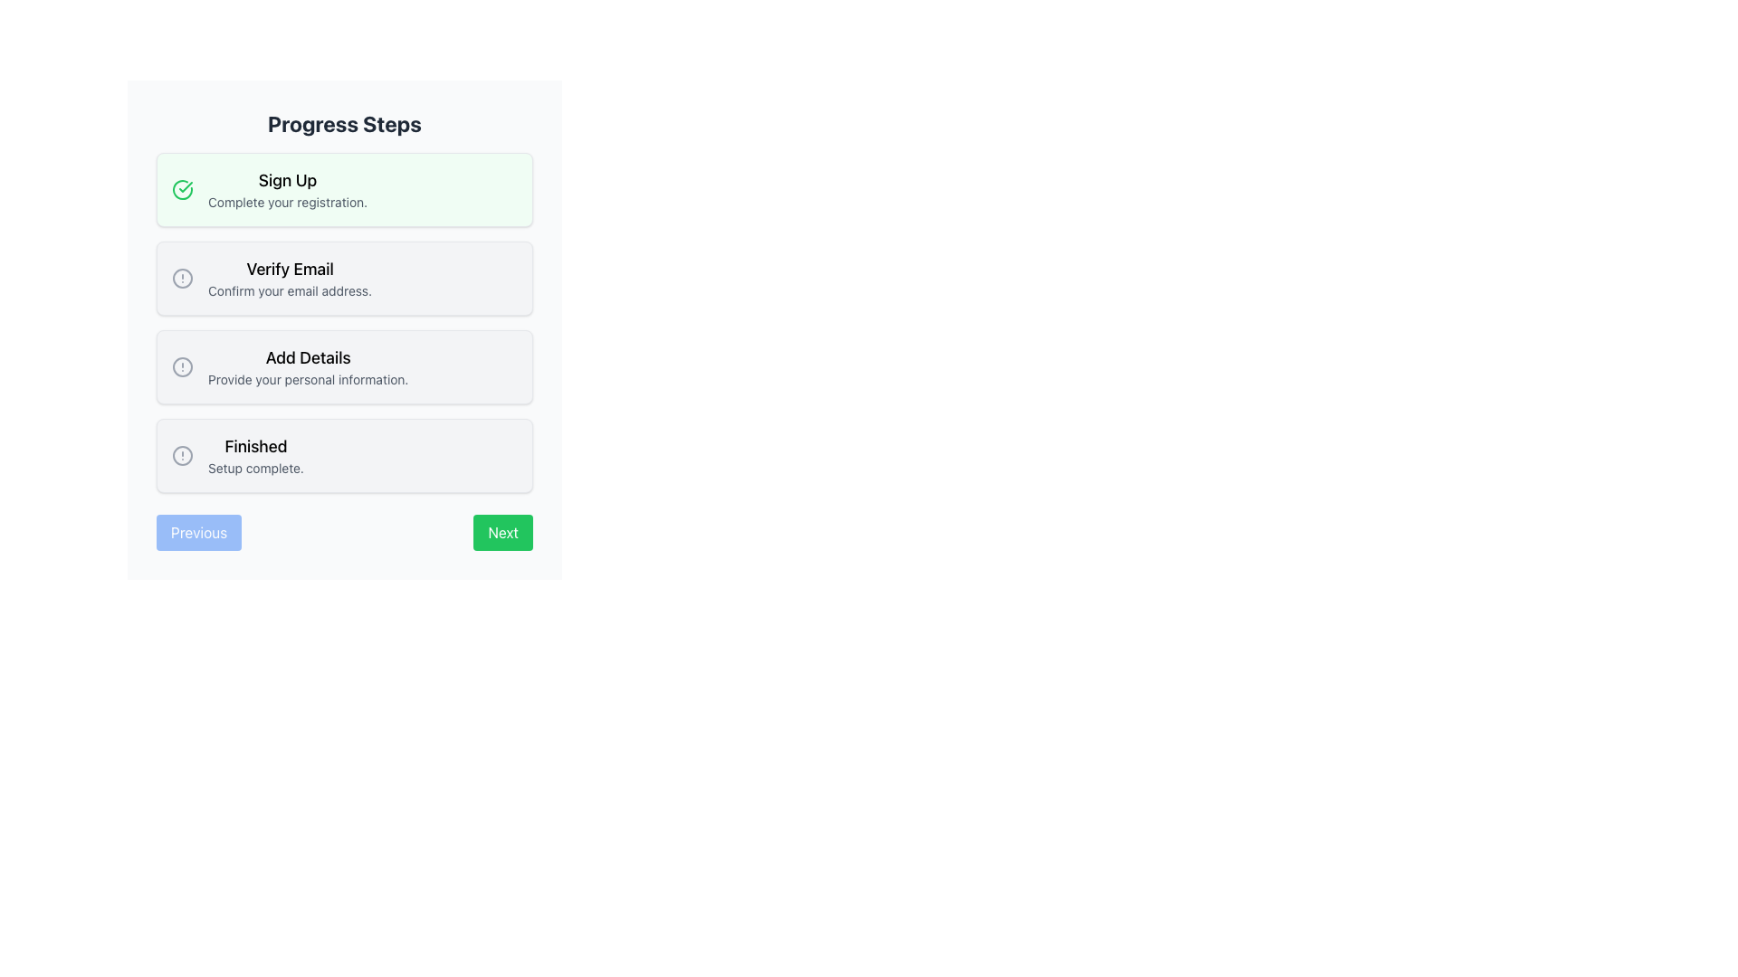 This screenshot has height=977, width=1738. What do you see at coordinates (255, 446) in the screenshot?
I see `text element labeled 'Finished' which is styled with a large font size and medium weight, appearing in black on a white background, located in the bottom section of the progress navigation interface` at bounding box center [255, 446].